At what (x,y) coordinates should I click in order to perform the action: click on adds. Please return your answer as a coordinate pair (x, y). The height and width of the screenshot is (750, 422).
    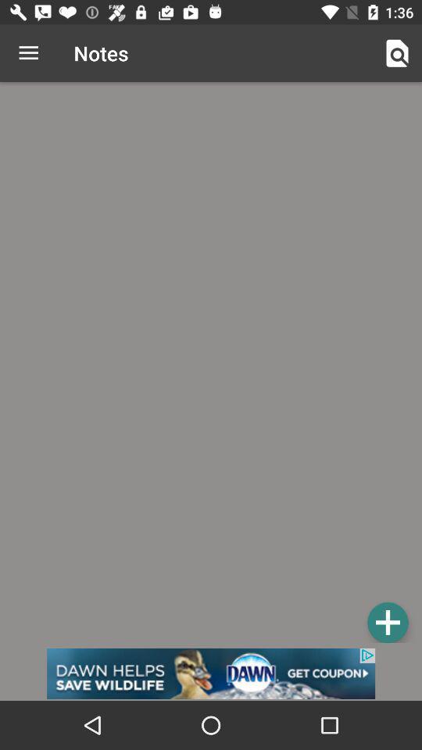
    Looking at the image, I should click on (387, 622).